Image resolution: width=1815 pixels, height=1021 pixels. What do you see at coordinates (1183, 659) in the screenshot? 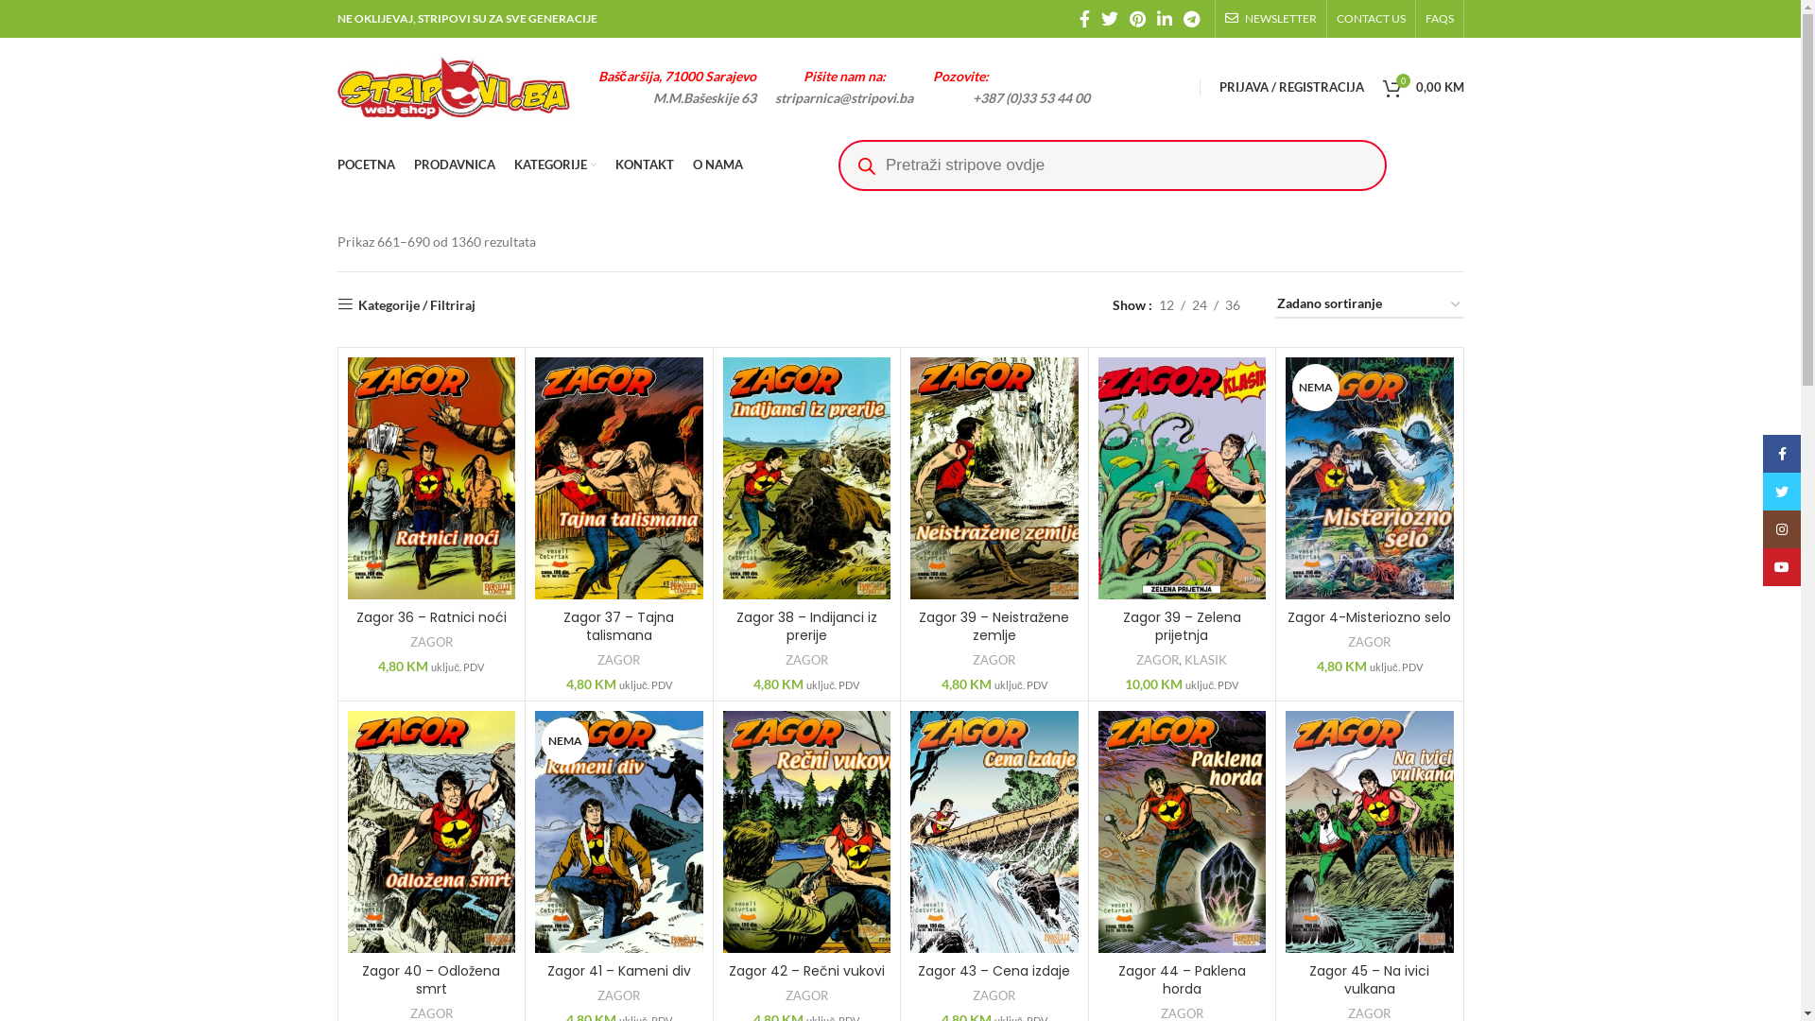
I see `'KLASIK'` at bounding box center [1183, 659].